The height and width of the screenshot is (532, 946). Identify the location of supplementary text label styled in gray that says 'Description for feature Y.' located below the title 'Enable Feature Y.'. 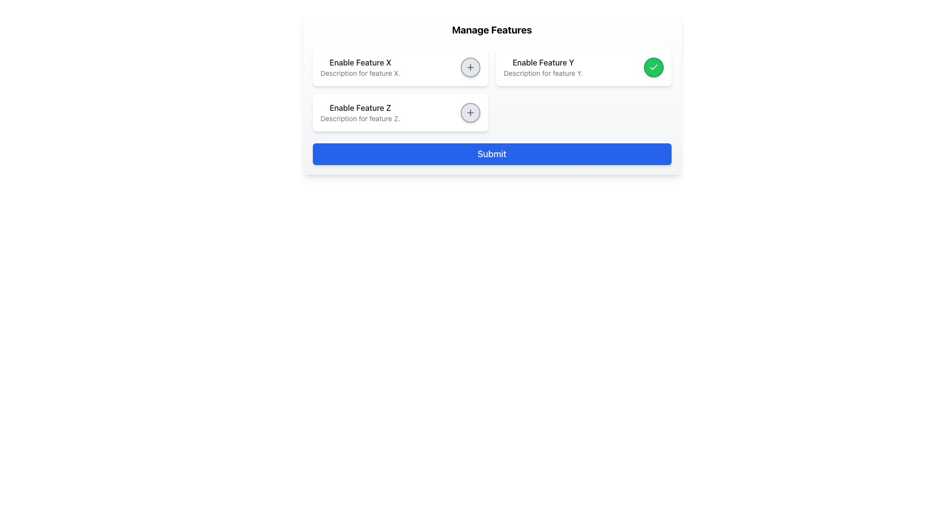
(542, 73).